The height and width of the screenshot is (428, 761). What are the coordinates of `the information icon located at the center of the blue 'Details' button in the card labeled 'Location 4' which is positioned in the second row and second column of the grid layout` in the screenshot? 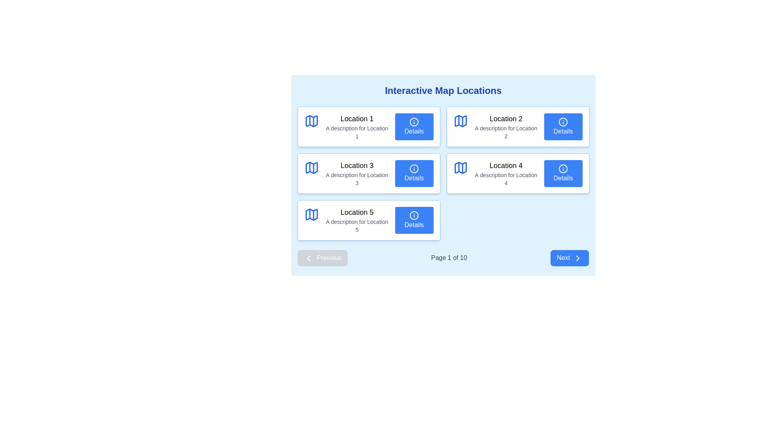 It's located at (562, 168).